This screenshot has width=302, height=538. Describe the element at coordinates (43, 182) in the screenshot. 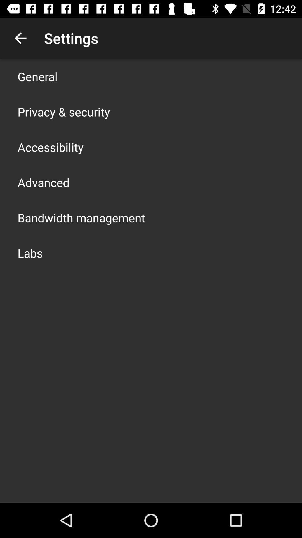

I see `the advanced icon` at that location.